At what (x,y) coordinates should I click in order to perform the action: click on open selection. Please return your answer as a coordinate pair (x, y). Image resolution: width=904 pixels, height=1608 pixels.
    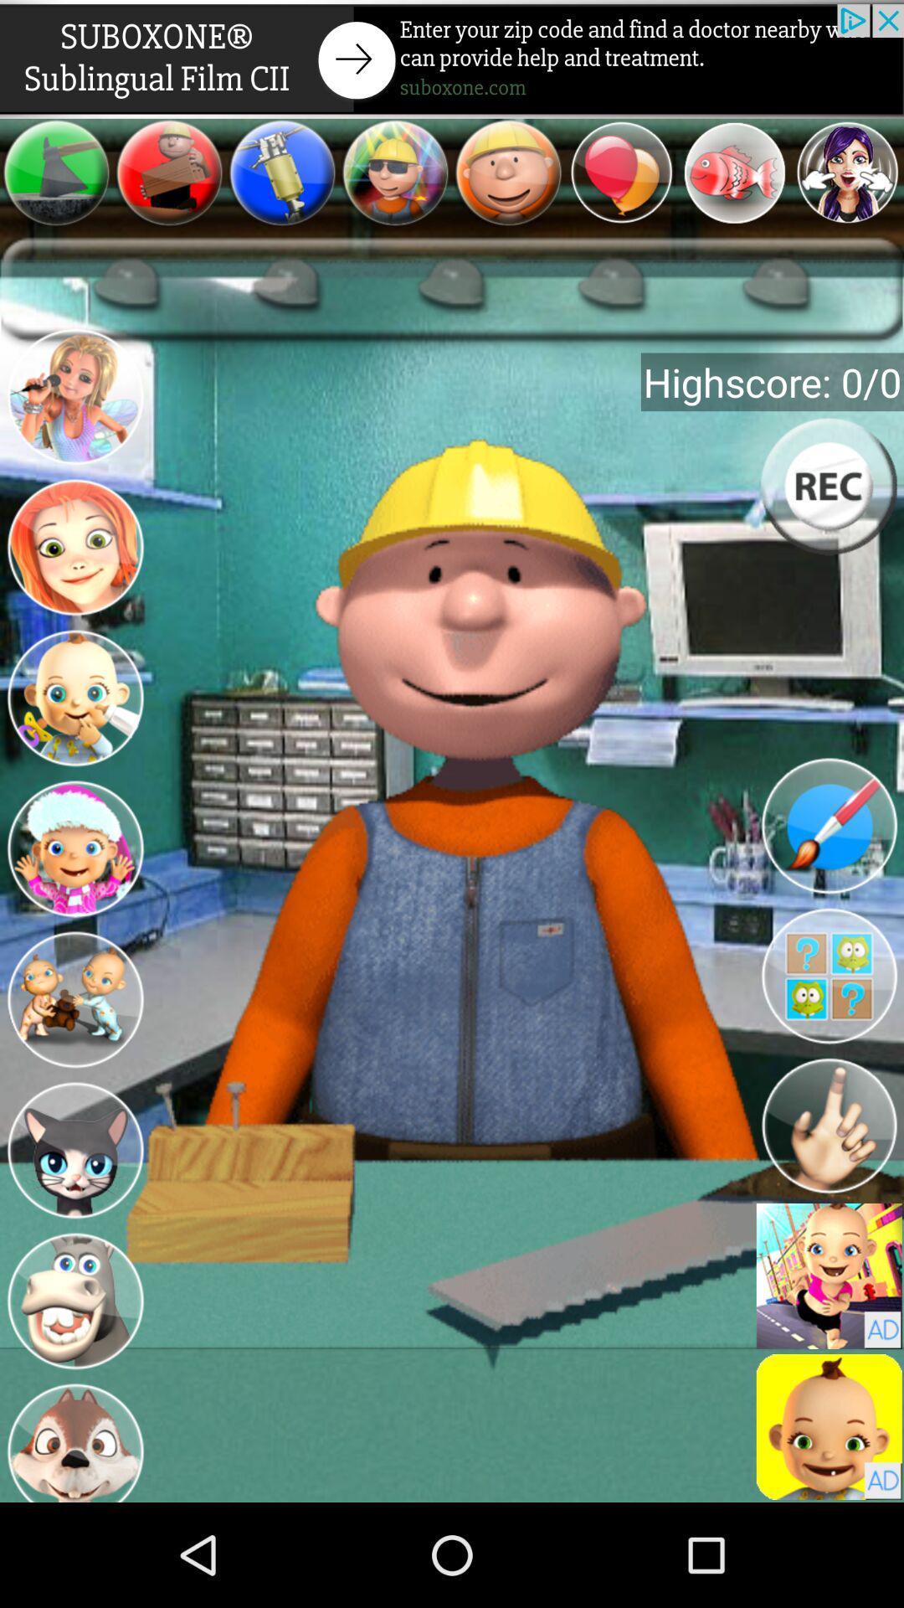
    Looking at the image, I should click on (733, 173).